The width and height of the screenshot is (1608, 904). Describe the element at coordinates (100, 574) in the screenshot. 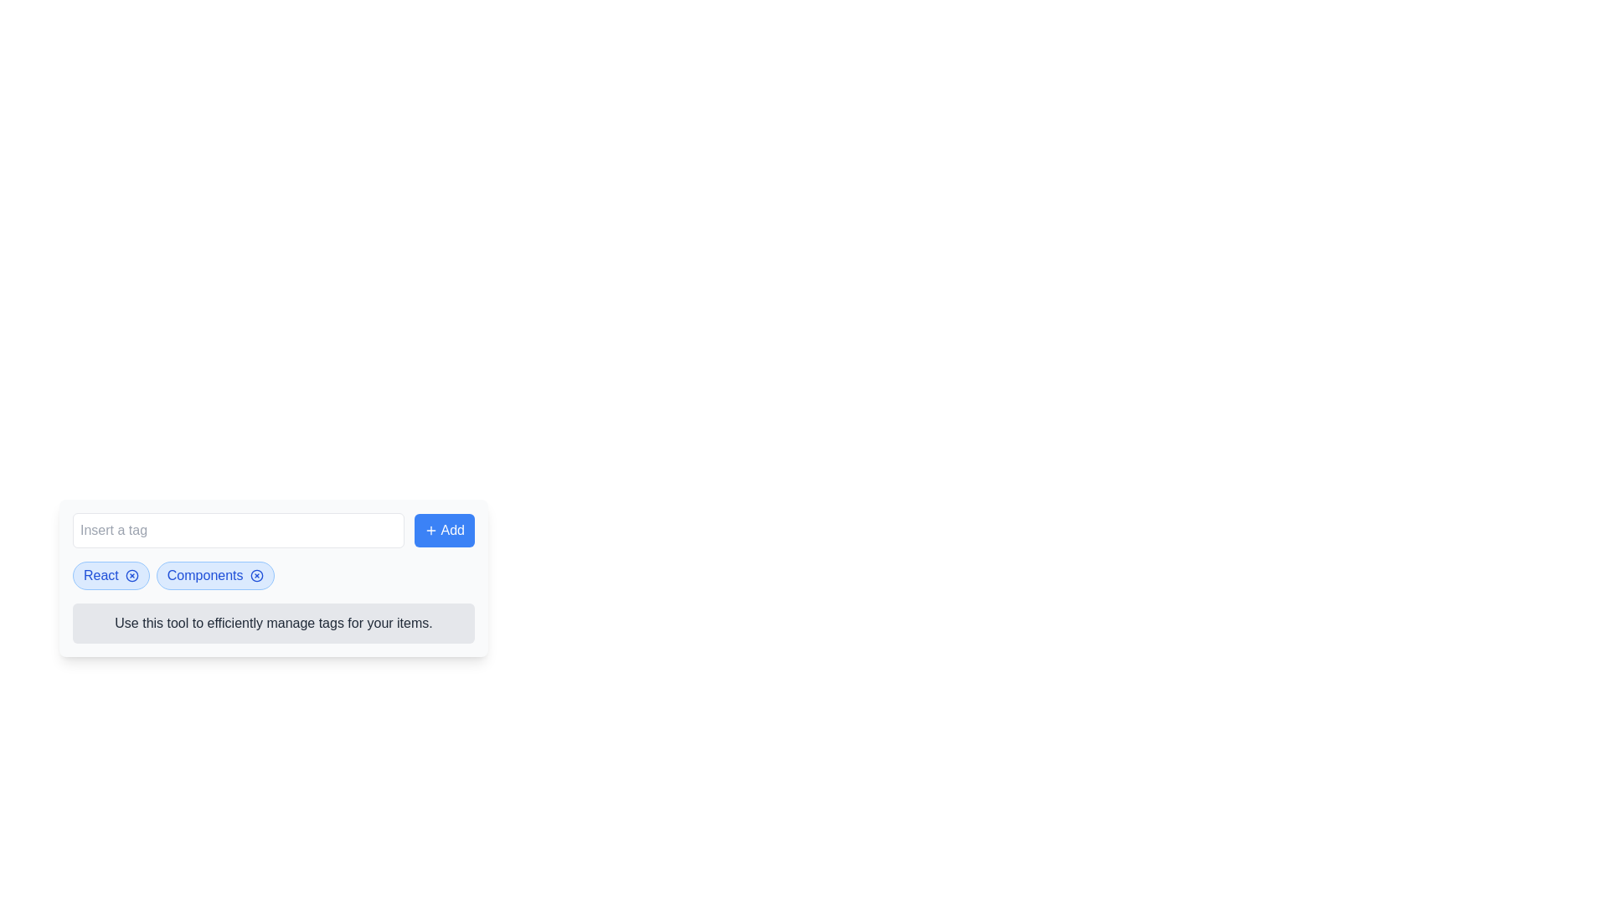

I see `on the blue-colored text label reading 'React' in a bold font within a pill-shaped tag` at that location.